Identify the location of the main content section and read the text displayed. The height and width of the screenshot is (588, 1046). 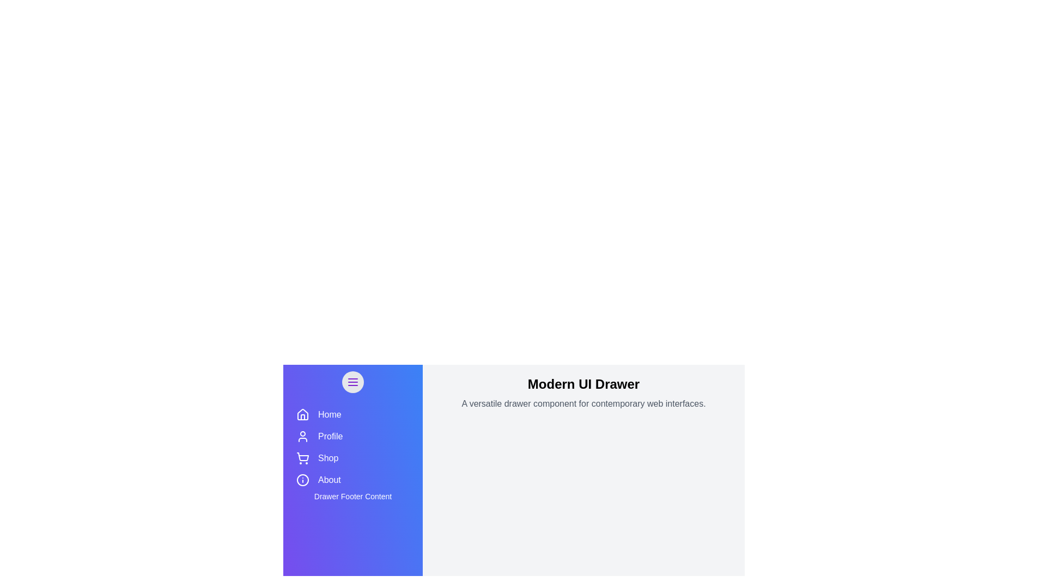
(583, 403).